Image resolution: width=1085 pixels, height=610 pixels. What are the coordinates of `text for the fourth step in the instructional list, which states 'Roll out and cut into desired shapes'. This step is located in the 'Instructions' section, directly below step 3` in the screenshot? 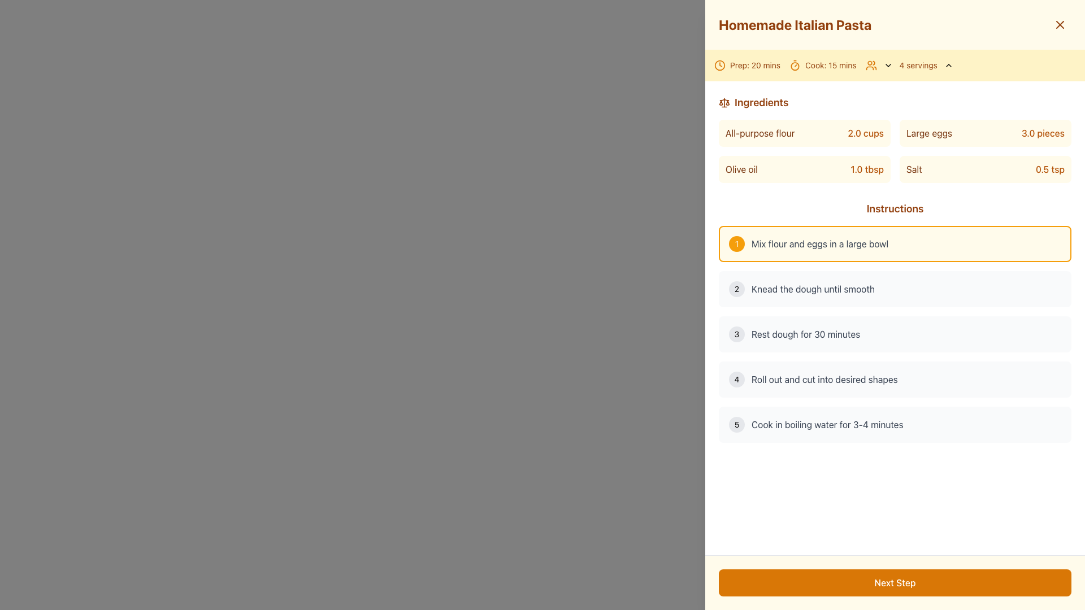 It's located at (895, 379).